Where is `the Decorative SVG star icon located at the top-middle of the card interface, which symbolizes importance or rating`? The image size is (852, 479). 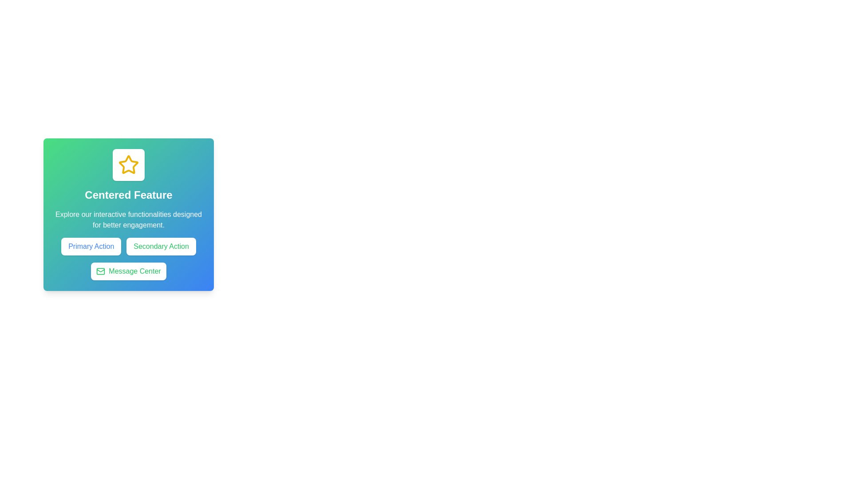 the Decorative SVG star icon located at the top-middle of the card interface, which symbolizes importance or rating is located at coordinates (128, 165).